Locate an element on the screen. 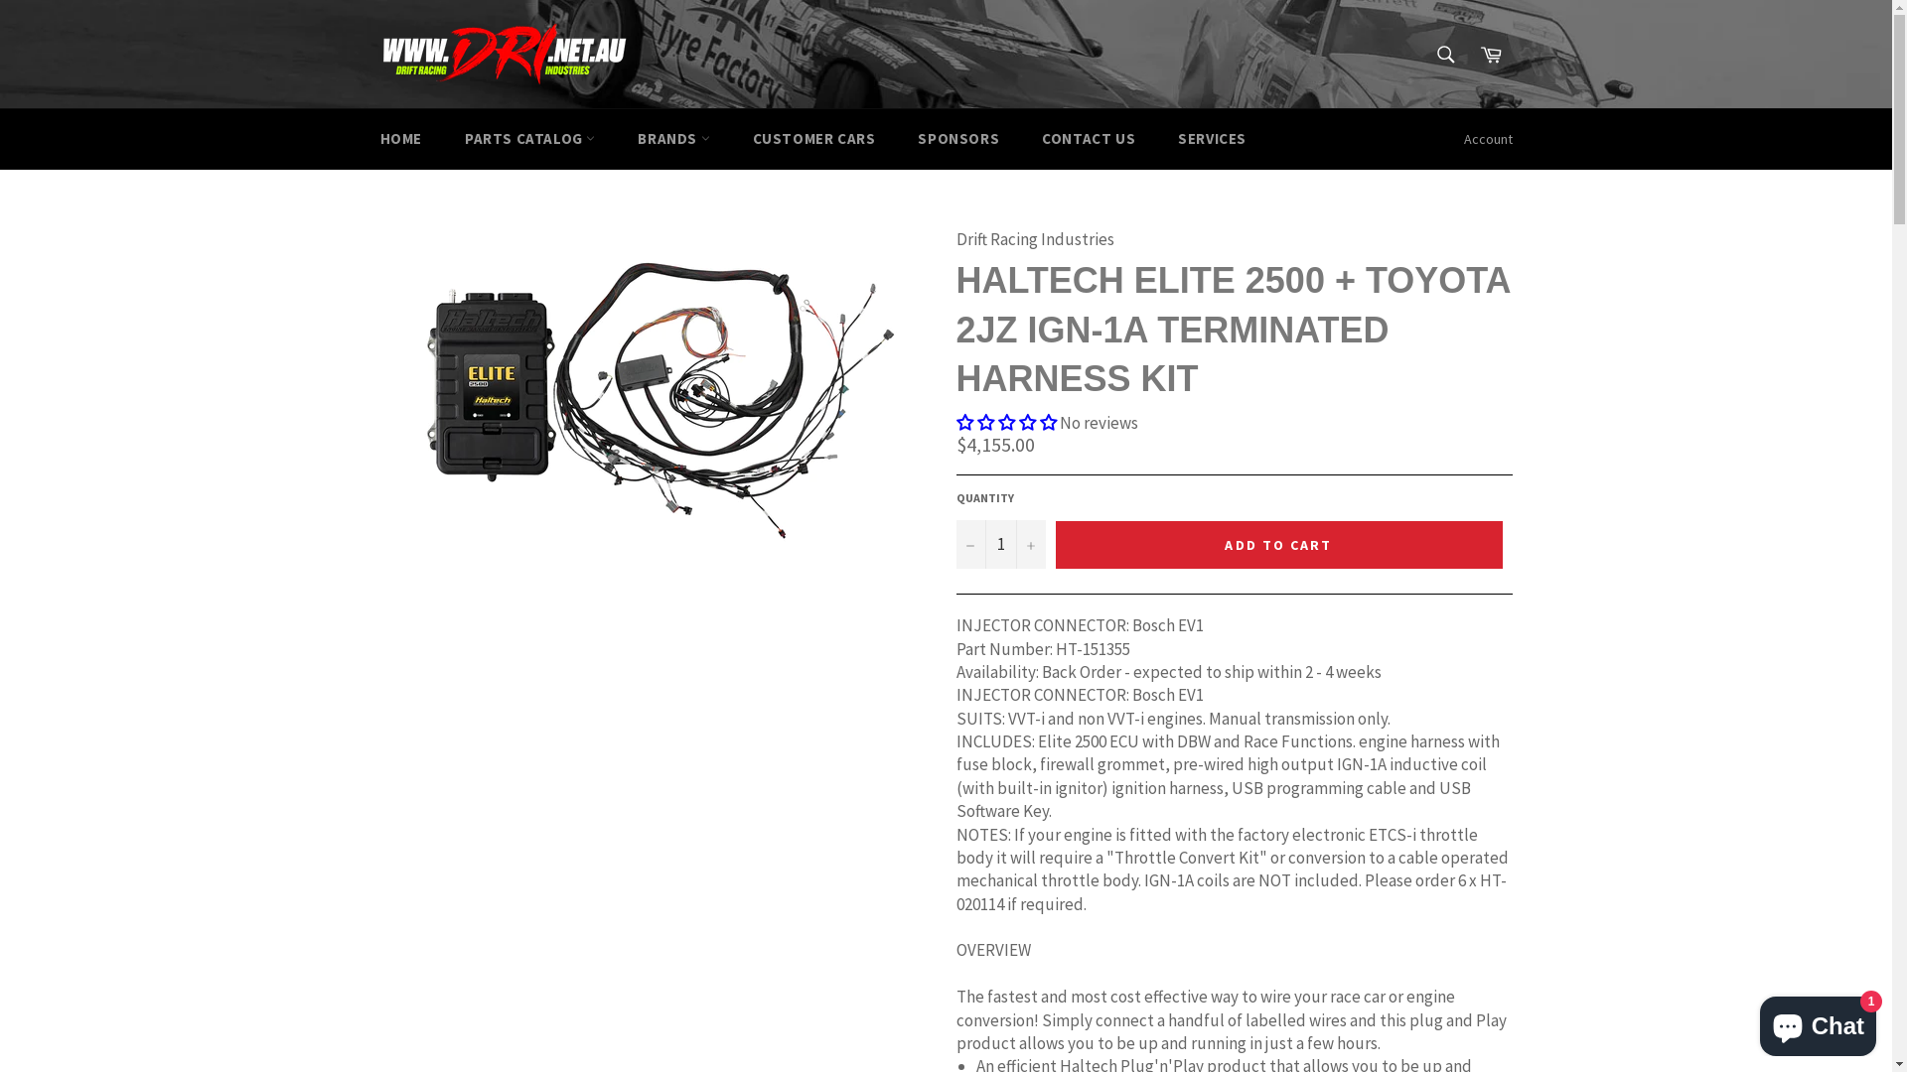 Image resolution: width=1907 pixels, height=1072 pixels. 'CUSTOMER CARS' is located at coordinates (814, 138).